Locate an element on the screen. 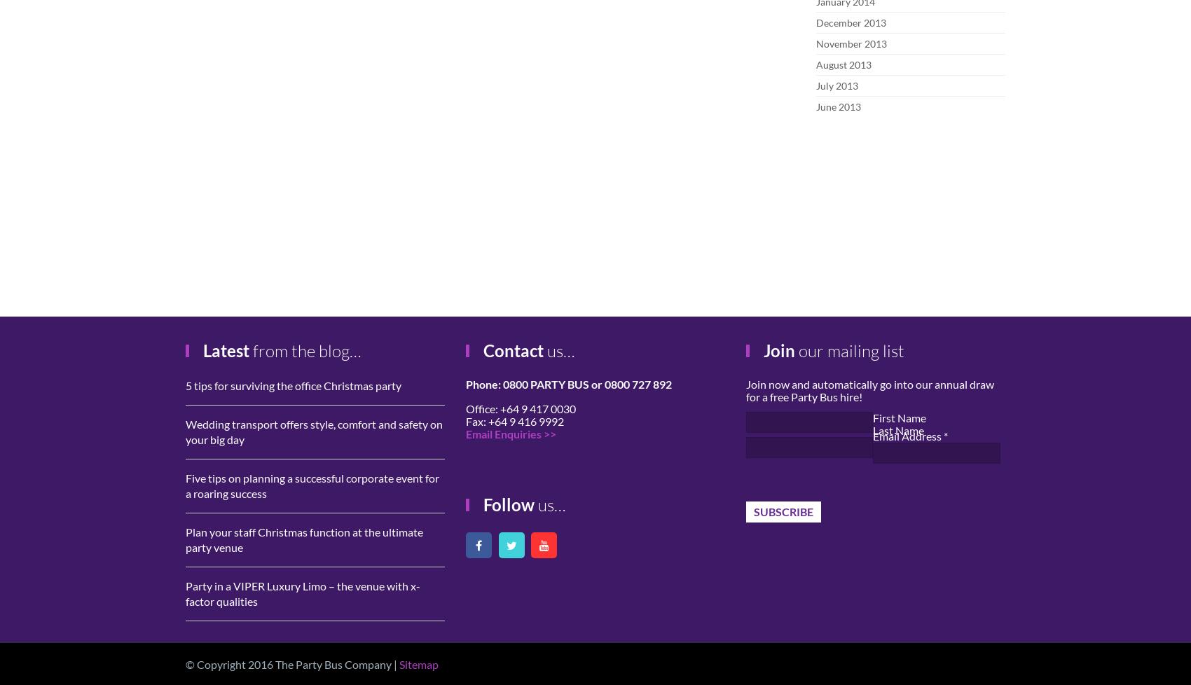 The image size is (1191, 685). 'our mailing list' is located at coordinates (848, 351).